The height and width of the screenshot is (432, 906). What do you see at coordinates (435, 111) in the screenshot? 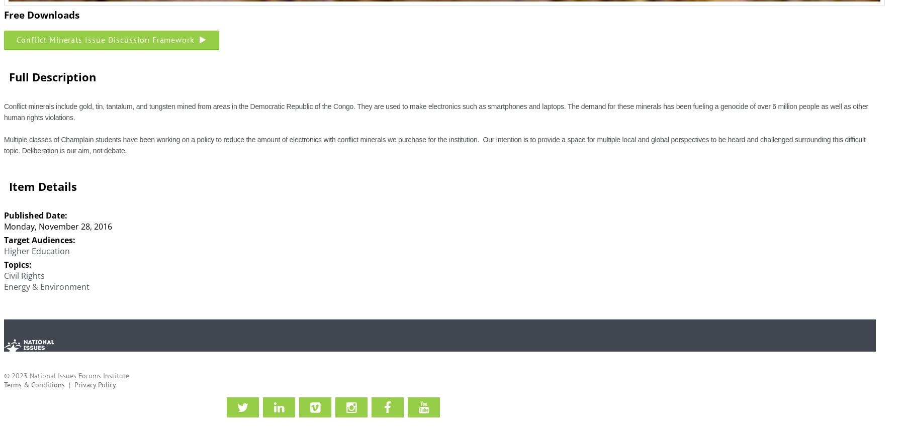
I see `'Conflict minerals include gold, tin, tantalum, and tungsten mined from areas in the Democratic Republic of the Congo. They are used to make electronics such as smartphones and laptops. The demand for these minerals has been fueling a genocide of over 6 million people as well as other human rights violations.'` at bounding box center [435, 111].